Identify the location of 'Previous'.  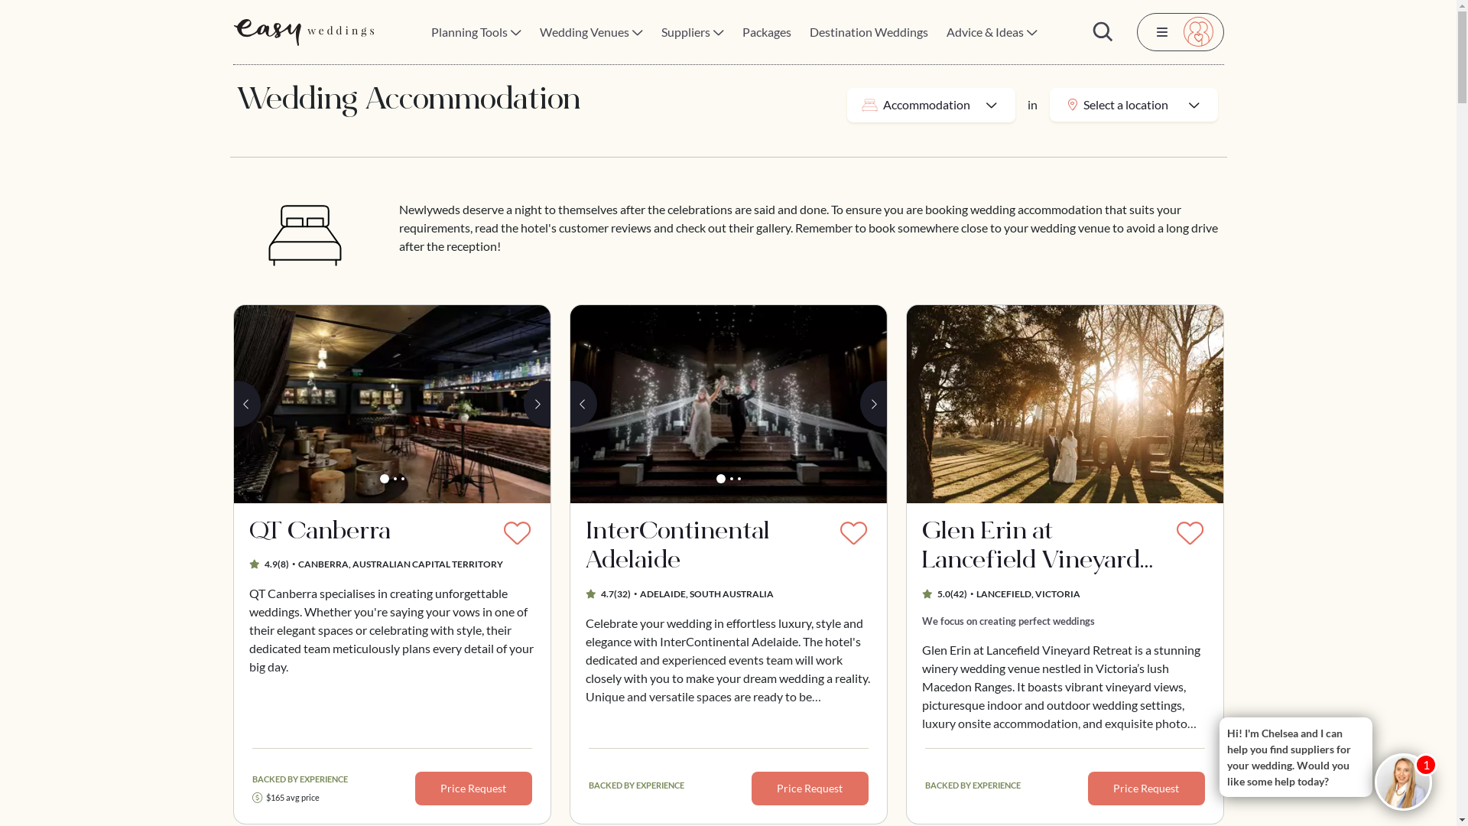
(247, 403).